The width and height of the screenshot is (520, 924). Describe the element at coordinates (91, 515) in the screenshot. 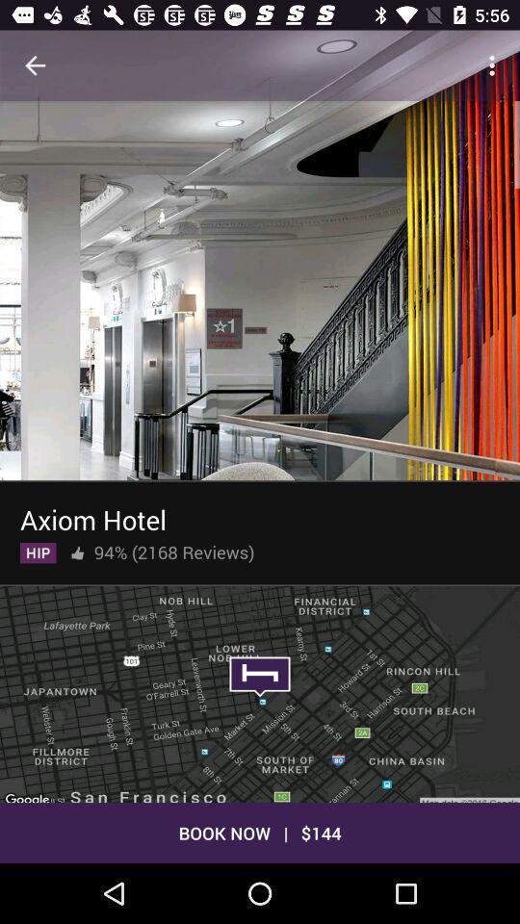

I see `the axiom hotel item` at that location.